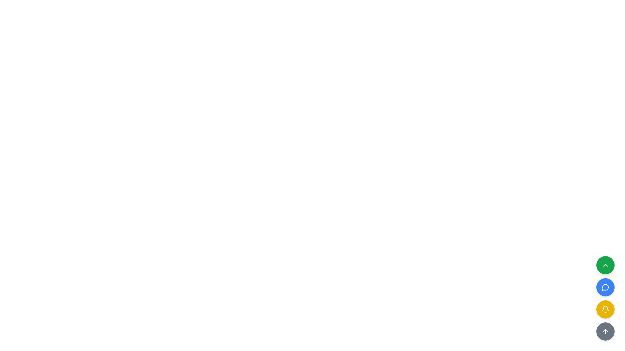 The height and width of the screenshot is (351, 625). I want to click on the circular green button with a white upward arrow at the bottom-right corner of the interface to initiate an action, so click(605, 265).